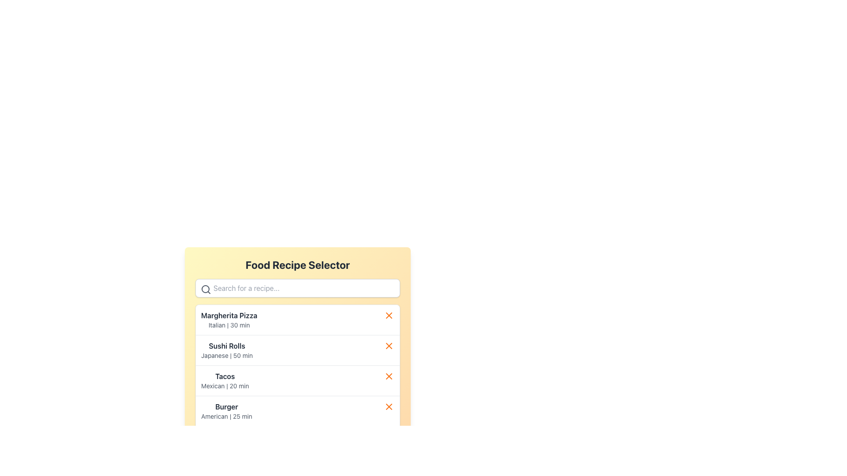 The image size is (847, 476). Describe the element at coordinates (227, 355) in the screenshot. I see `the text label reading 'Japanese | 50 min', which is styled in gray color and positioned below the title 'Sushi Rolls' in the 'Food Recipe Selector' interface` at that location.